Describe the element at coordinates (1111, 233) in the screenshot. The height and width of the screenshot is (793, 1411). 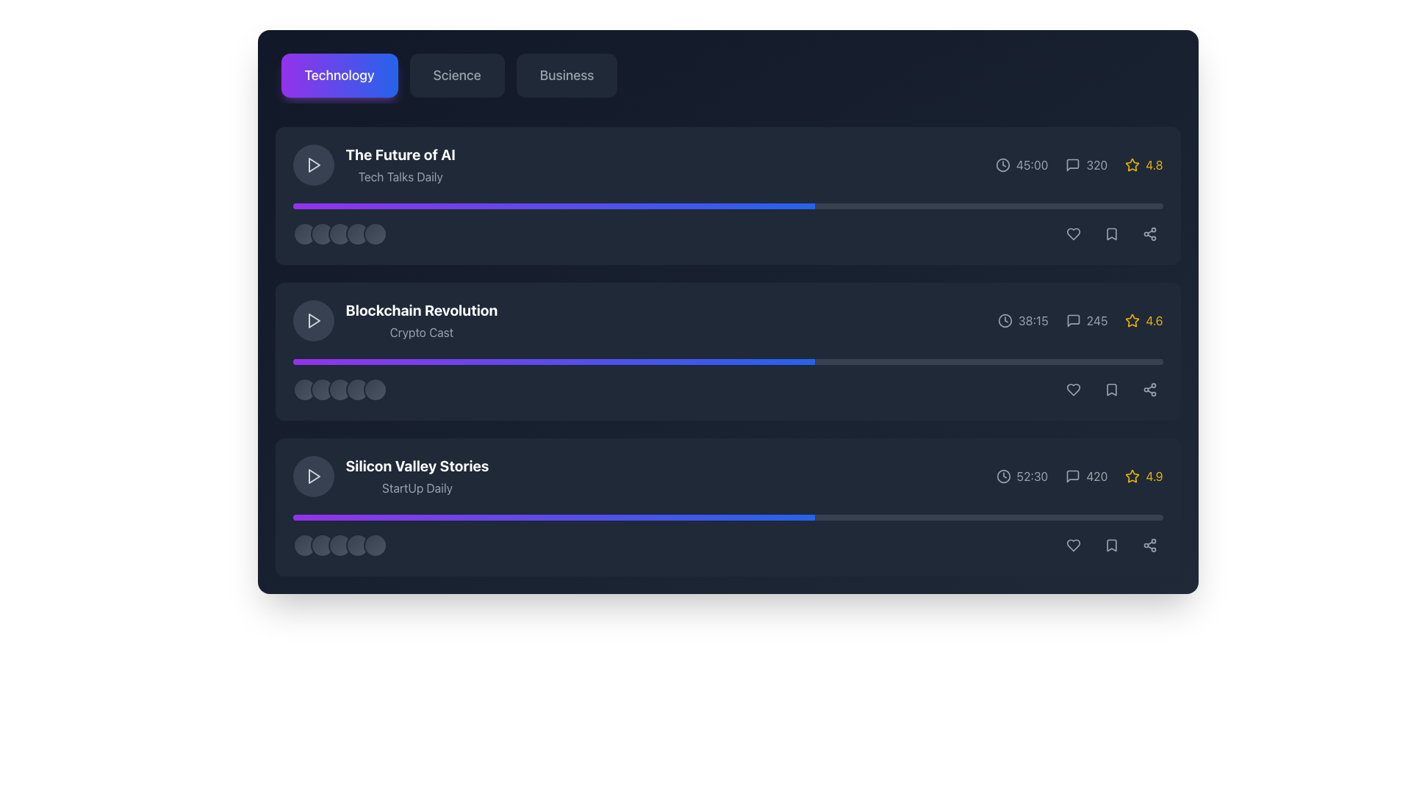
I see `the bookmark icon button located between the heart icon on the left and the share icon on the right` at that location.